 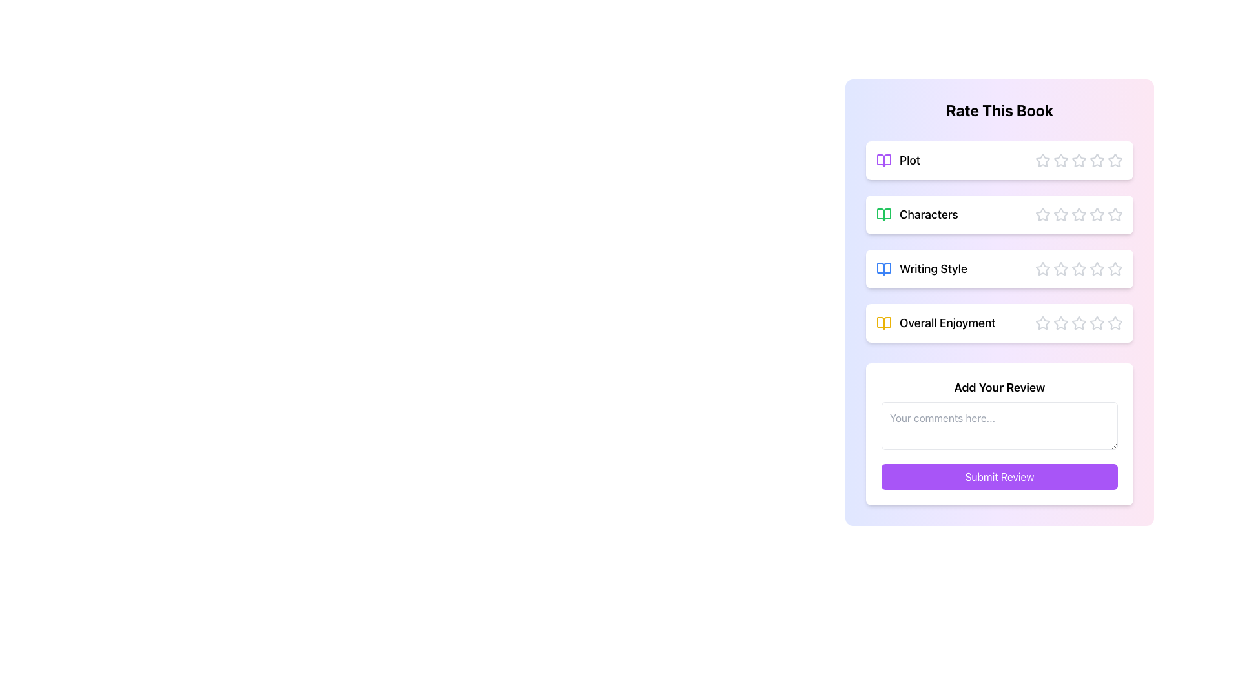 I want to click on the star icon button used for rating in the 'Overall Enjoyment' category by, so click(x=1097, y=322).